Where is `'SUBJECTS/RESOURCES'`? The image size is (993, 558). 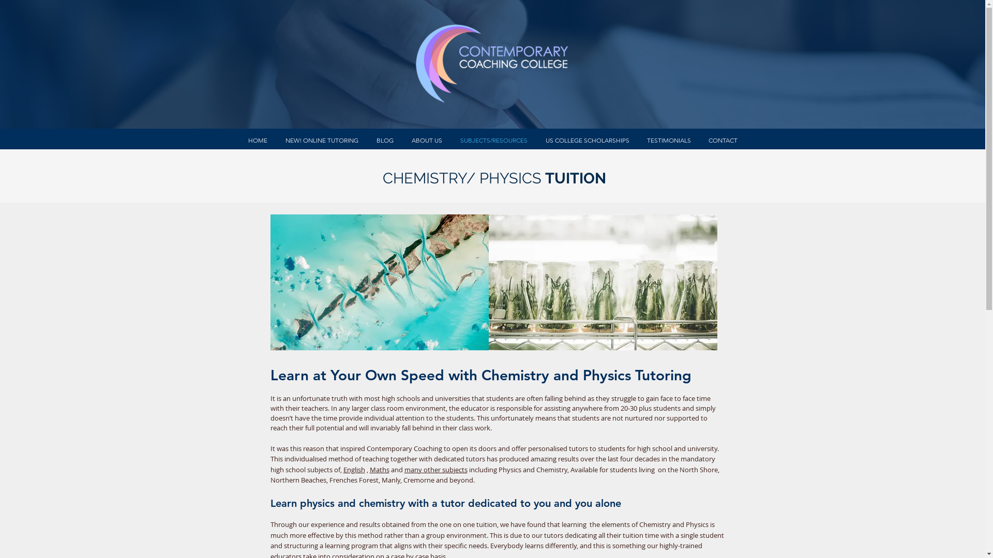
'SUBJECTS/RESOURCES' is located at coordinates (493, 140).